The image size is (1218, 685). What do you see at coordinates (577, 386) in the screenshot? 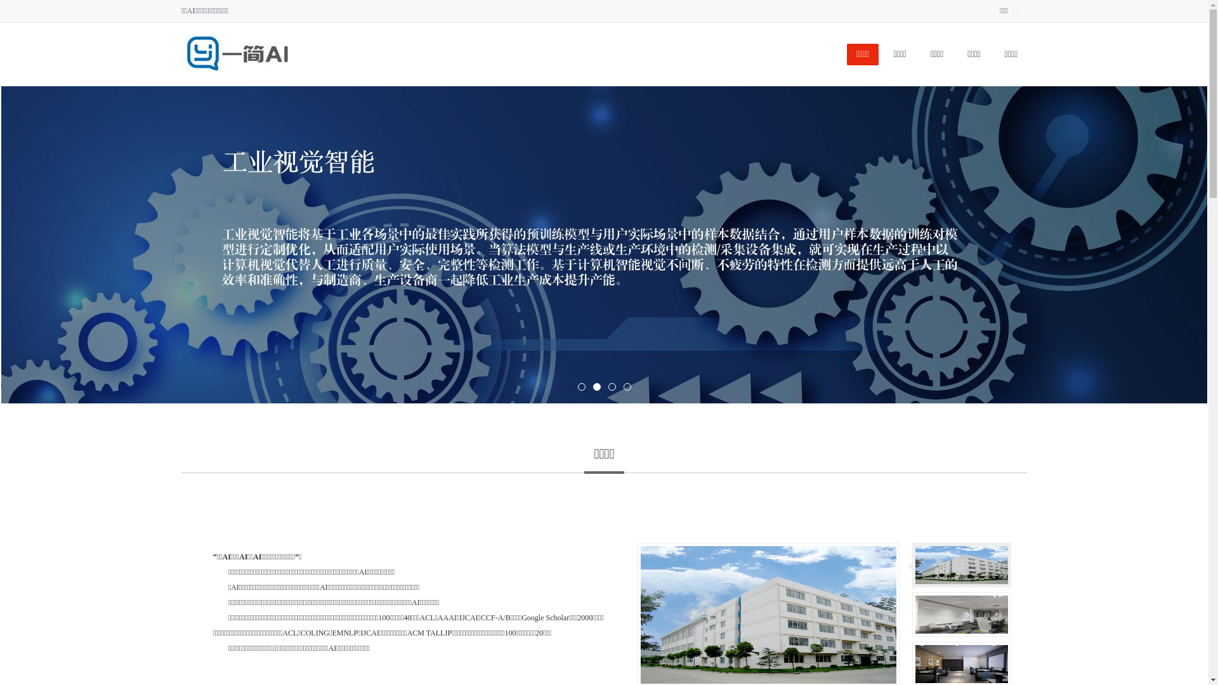
I see `'1'` at bounding box center [577, 386].